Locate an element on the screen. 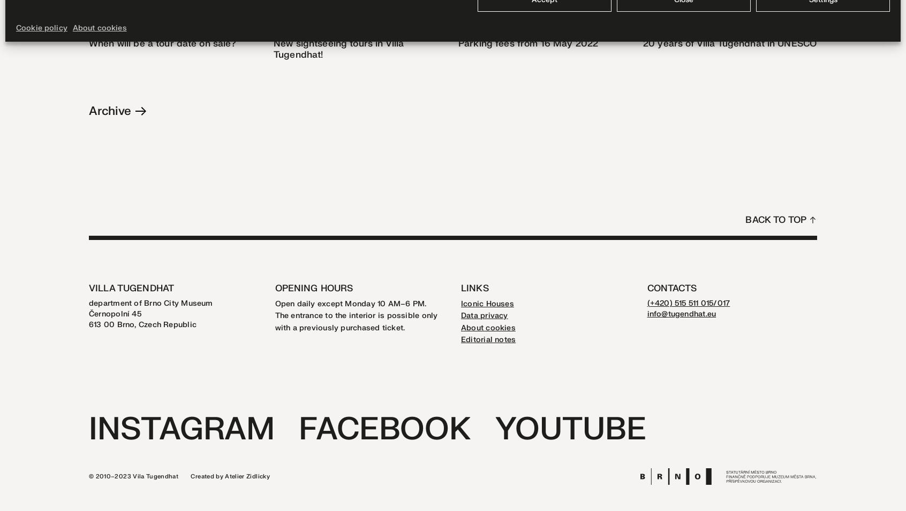  'Open daily except Monday 10 AM–6 PM.' is located at coordinates (275, 303).